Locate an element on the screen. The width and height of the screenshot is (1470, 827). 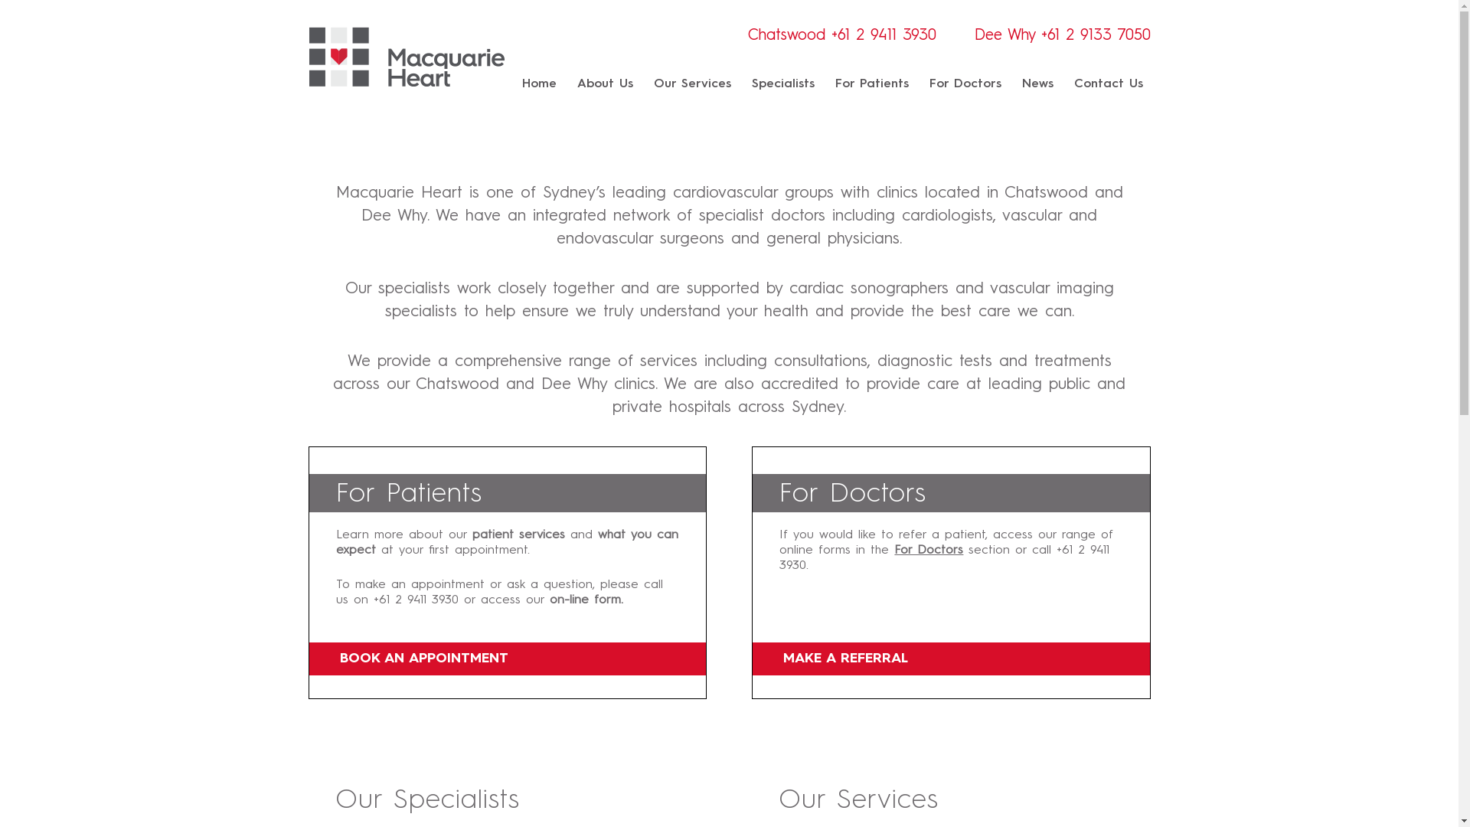
'For Doctors' is located at coordinates (893, 549).